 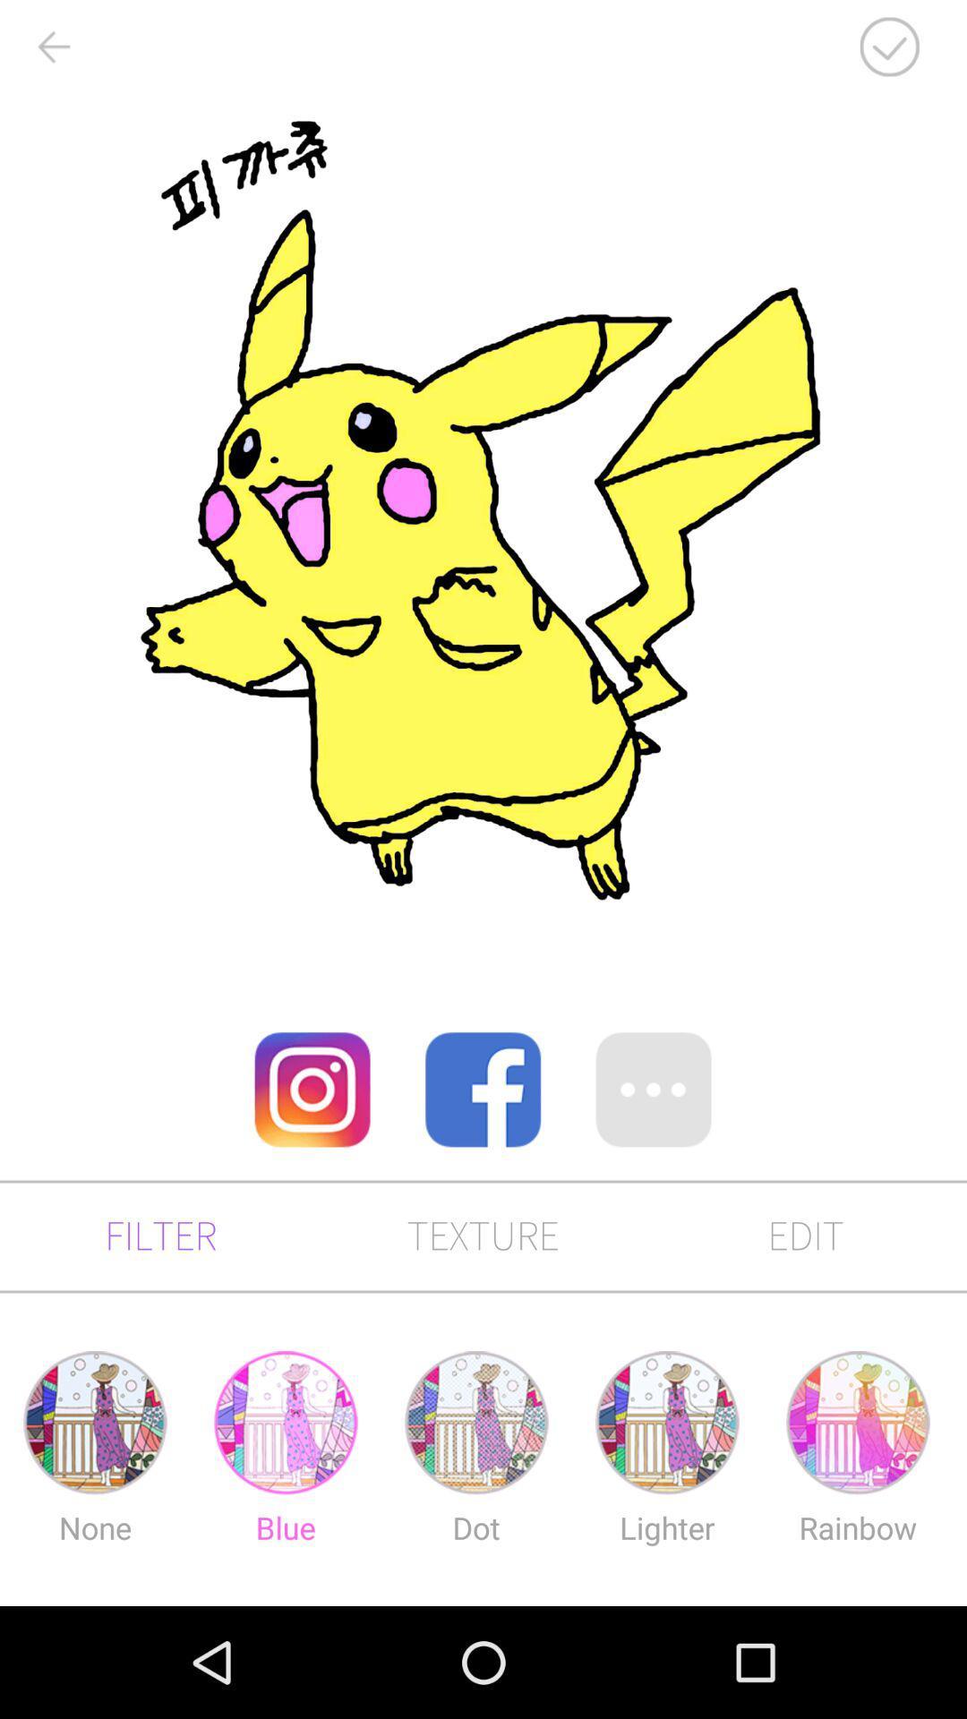 What do you see at coordinates (52, 47) in the screenshot?
I see `the arrow_backward icon` at bounding box center [52, 47].